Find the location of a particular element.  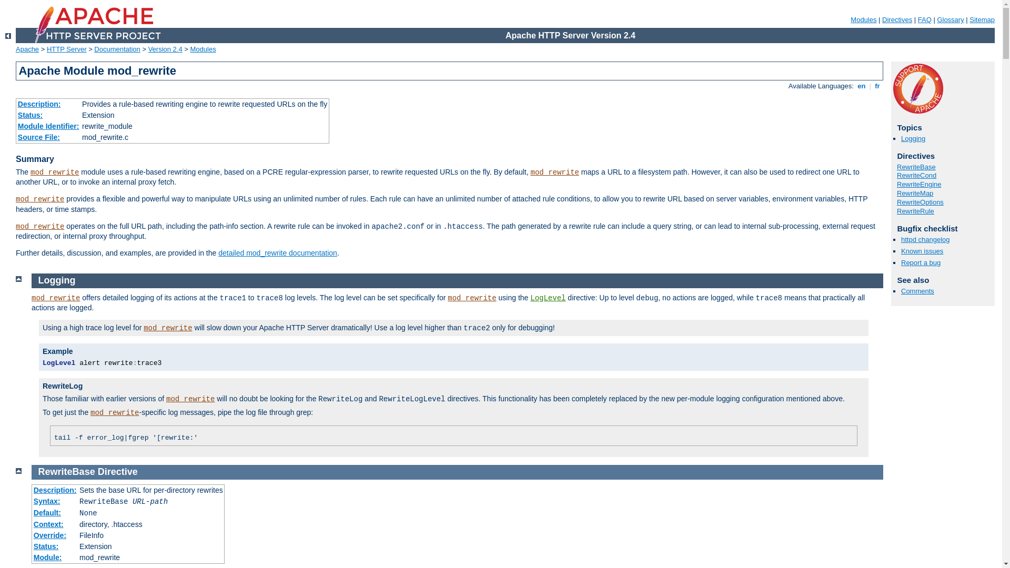

'Module:' is located at coordinates (47, 557).